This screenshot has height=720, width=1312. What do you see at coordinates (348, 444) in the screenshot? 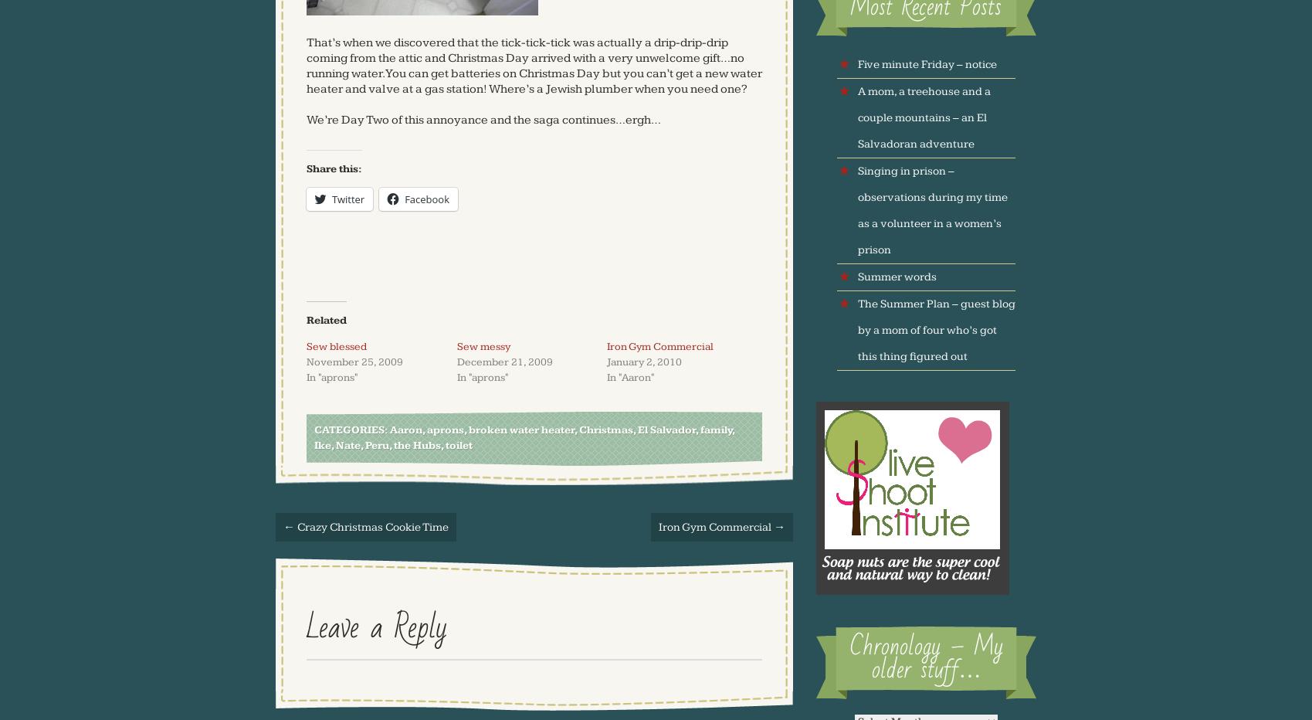
I see `'Nate'` at bounding box center [348, 444].